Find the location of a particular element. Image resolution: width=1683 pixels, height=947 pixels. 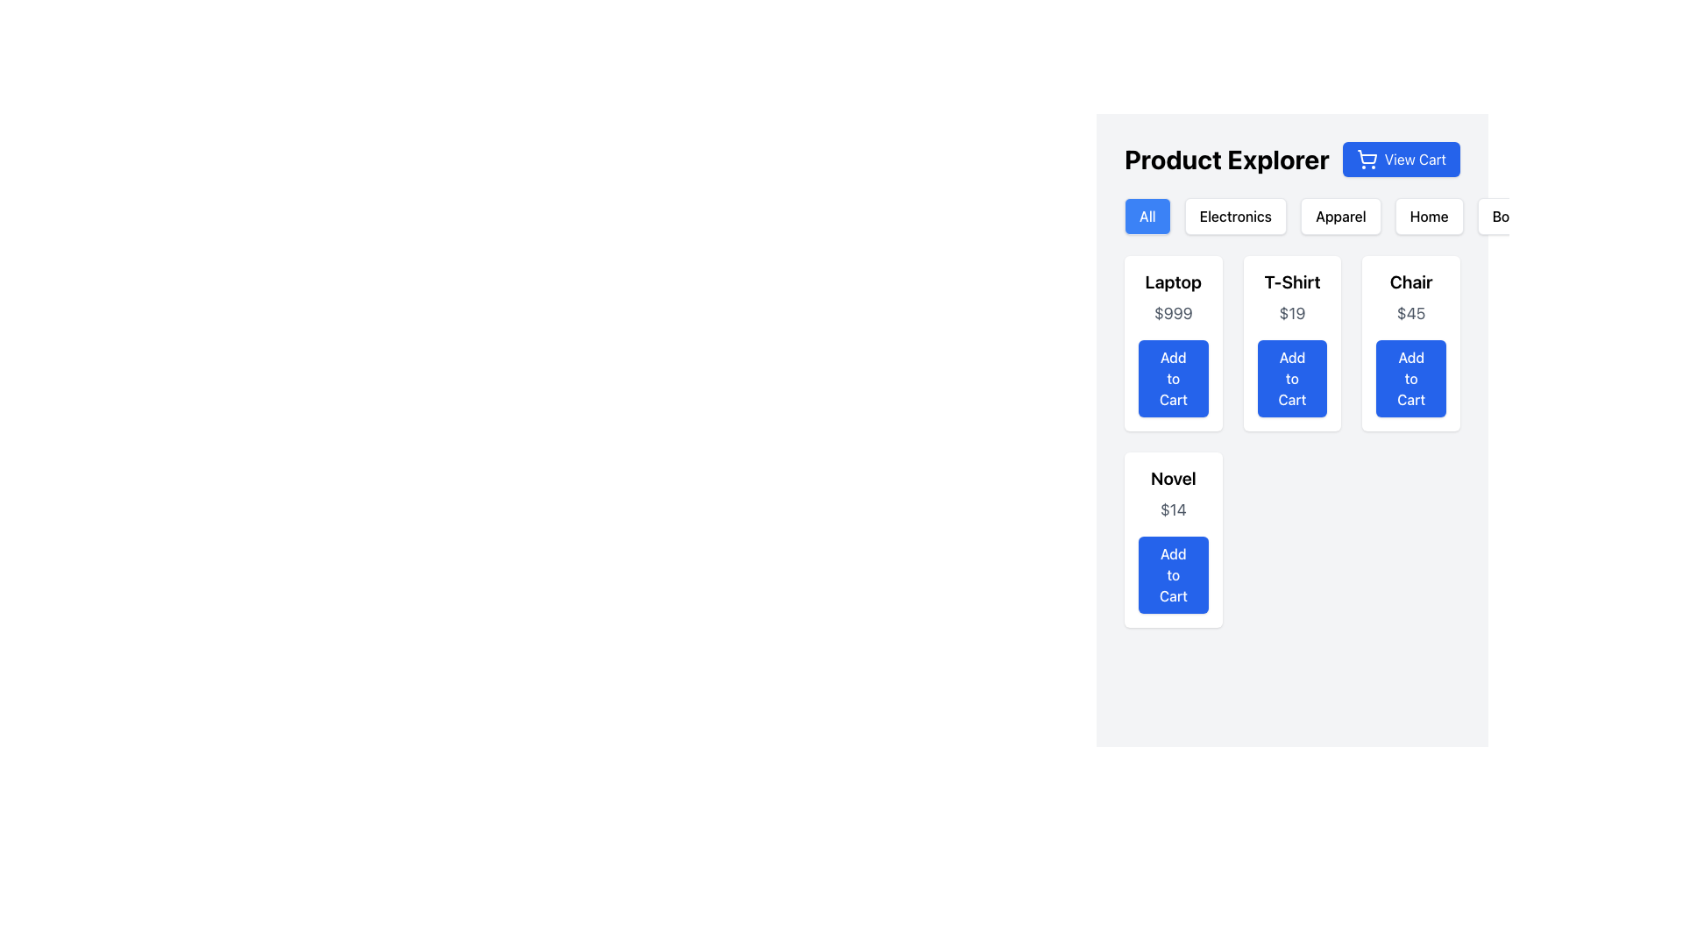

the 'Add to Cart' button with a blue background and white bold text, located at the bottom of the product card is located at coordinates (1173, 378).